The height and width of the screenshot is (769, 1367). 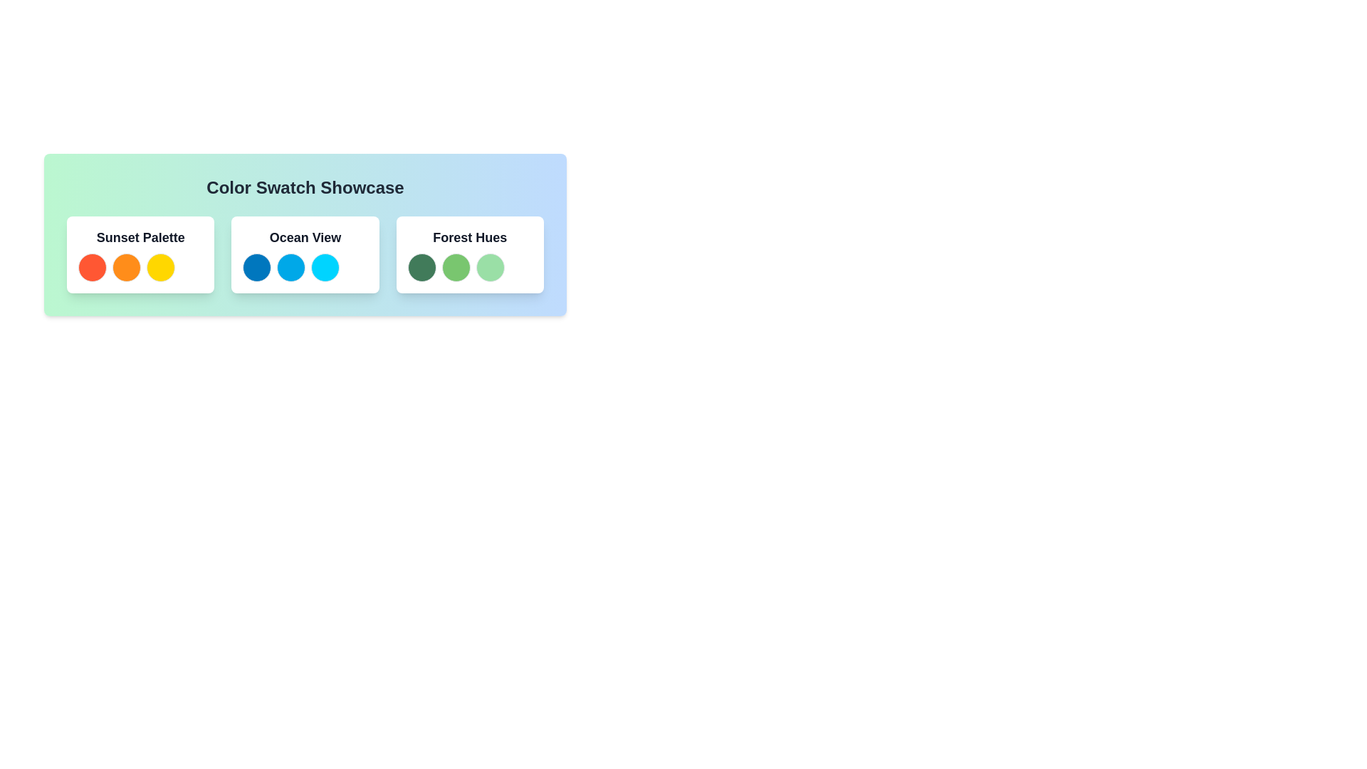 What do you see at coordinates (290, 267) in the screenshot?
I see `the second circular color swatch representing a specific blue color within the 'Ocean View' theme` at bounding box center [290, 267].